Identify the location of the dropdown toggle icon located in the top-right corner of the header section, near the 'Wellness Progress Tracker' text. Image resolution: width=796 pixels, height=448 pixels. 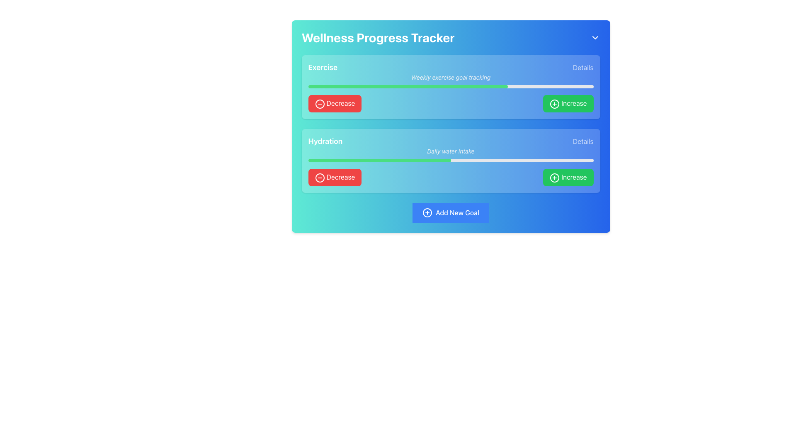
(595, 38).